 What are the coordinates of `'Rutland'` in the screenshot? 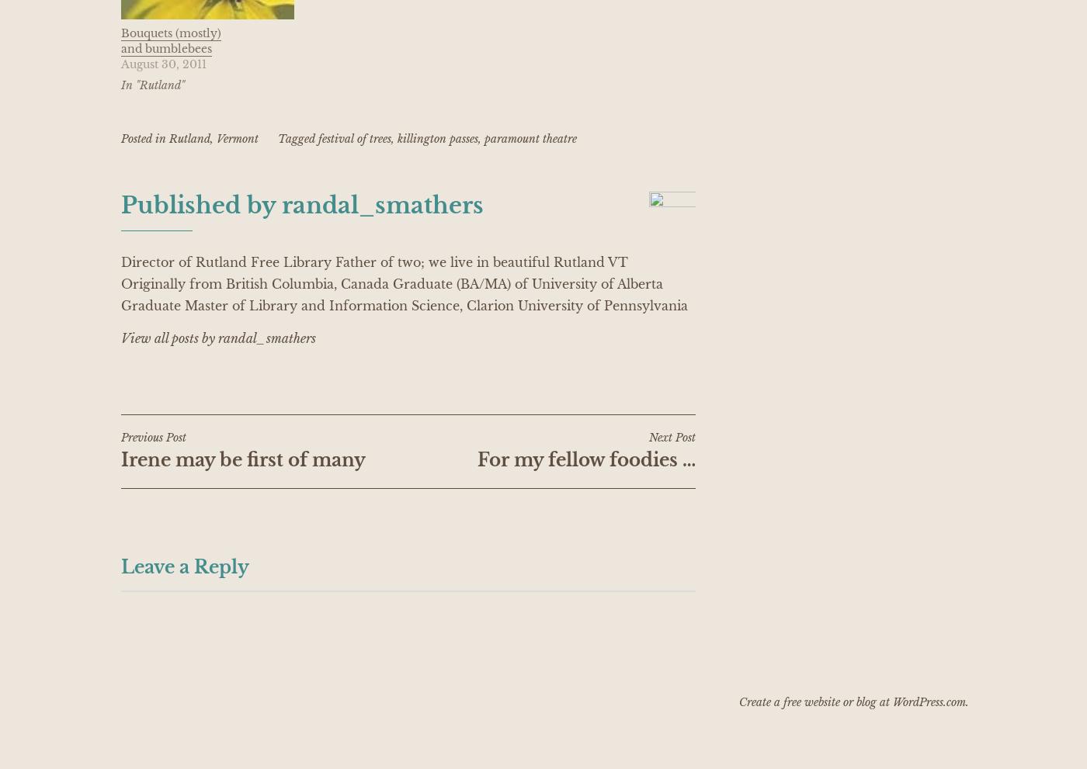 It's located at (168, 137).